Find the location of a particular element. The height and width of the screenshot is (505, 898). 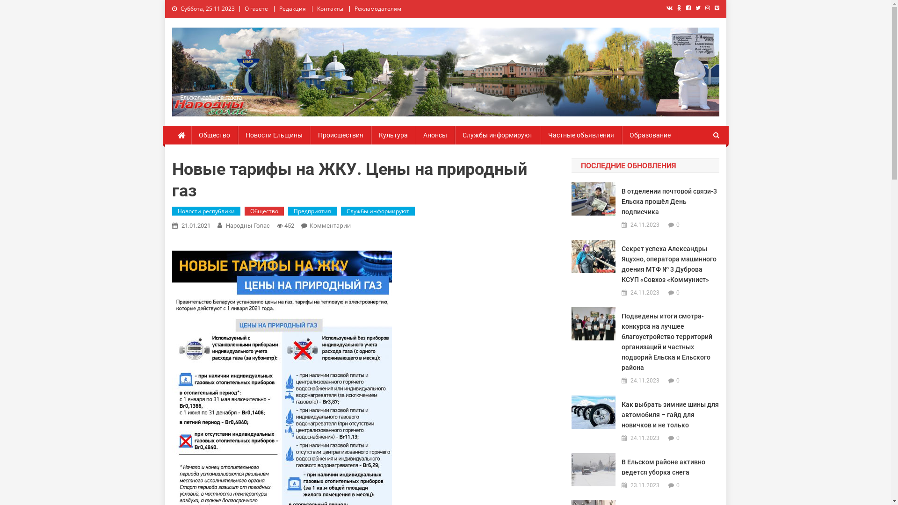

'0' is located at coordinates (678, 292).